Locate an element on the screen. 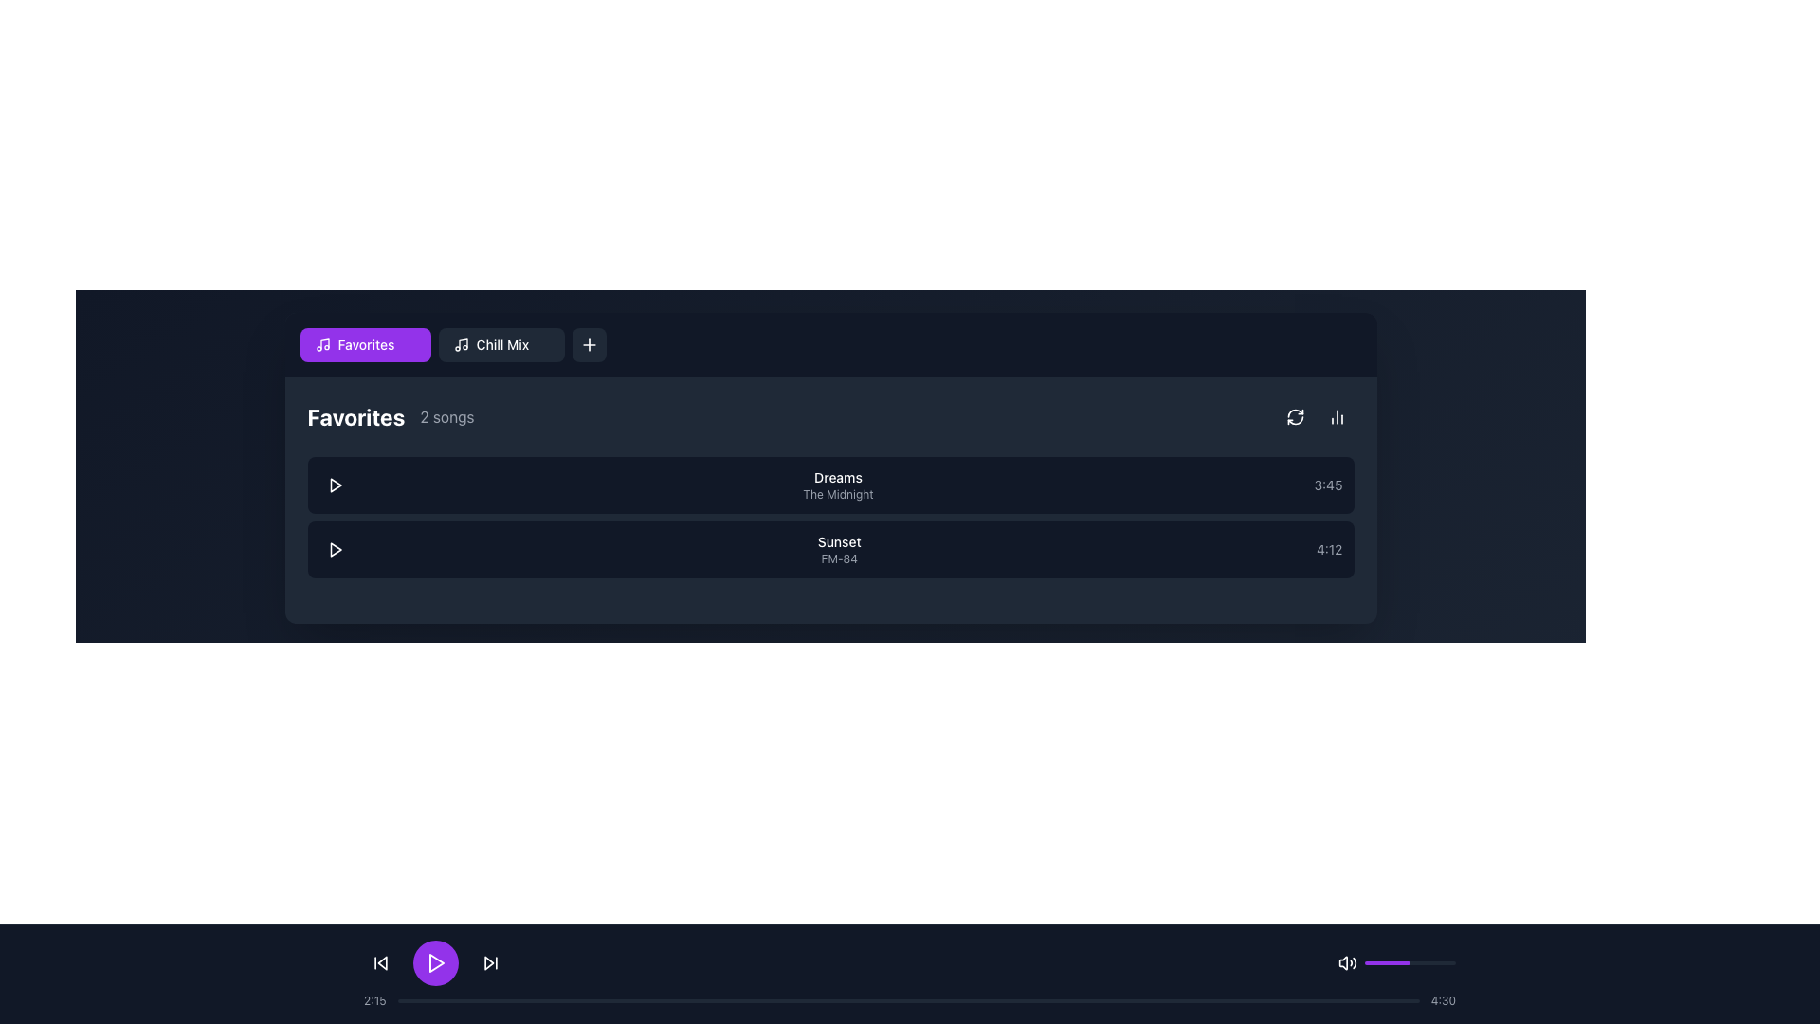 The height and width of the screenshot is (1024, 1820). the 'Chill Mix' text label element located within the navigation menu, which is positioned between the 'Favorites' tab and the '+' button is located at coordinates (502, 344).